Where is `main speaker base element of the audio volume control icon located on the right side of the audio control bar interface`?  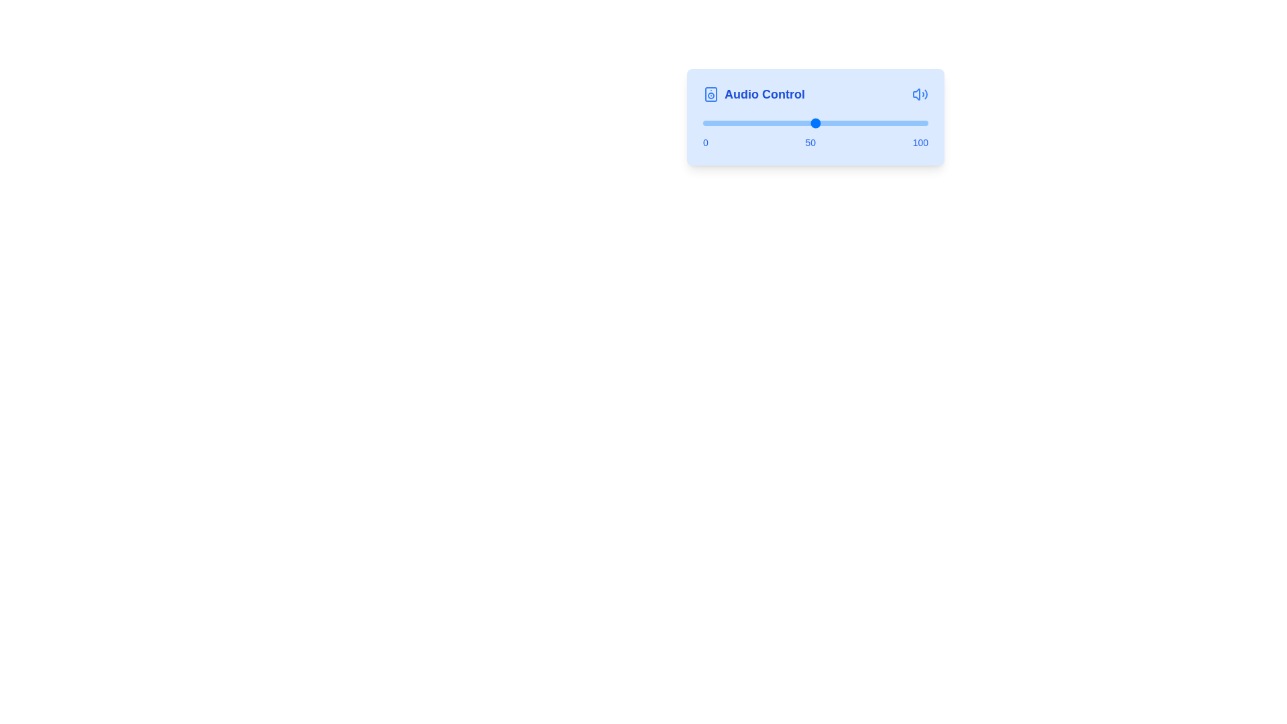
main speaker base element of the audio volume control icon located on the right side of the audio control bar interface is located at coordinates (916, 94).